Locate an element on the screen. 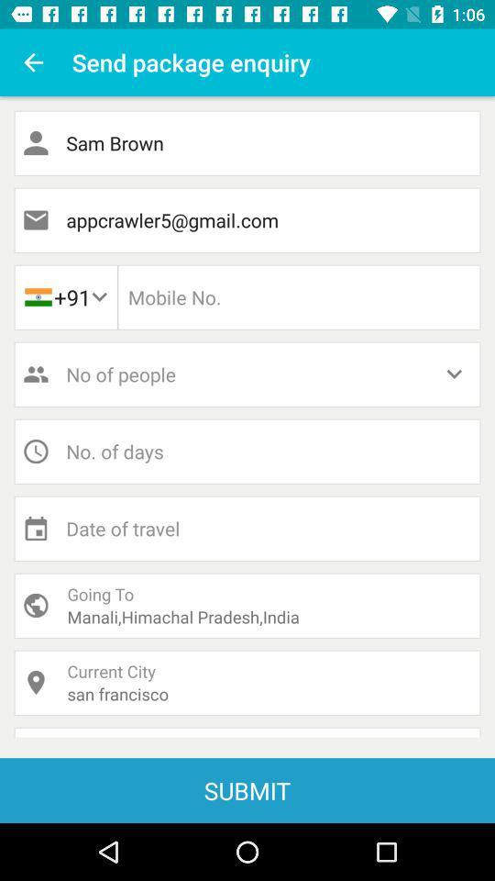  phone number is located at coordinates (299, 297).